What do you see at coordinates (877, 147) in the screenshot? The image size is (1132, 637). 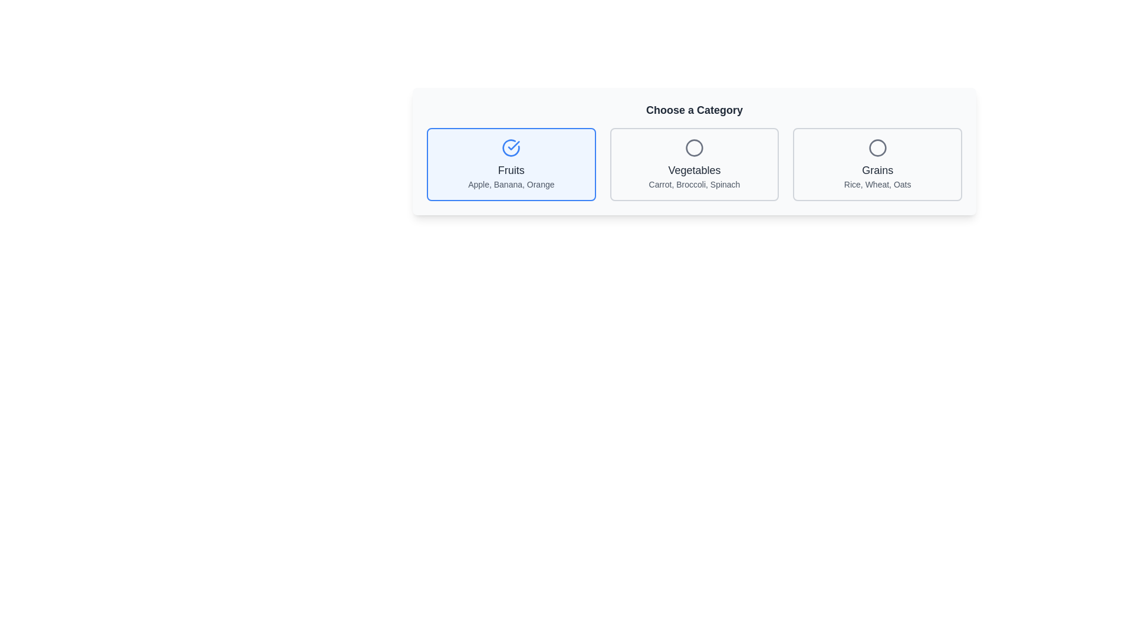 I see `the decorative or status-related icon associated with the 'Grains' category located above the text 'Grains'` at bounding box center [877, 147].